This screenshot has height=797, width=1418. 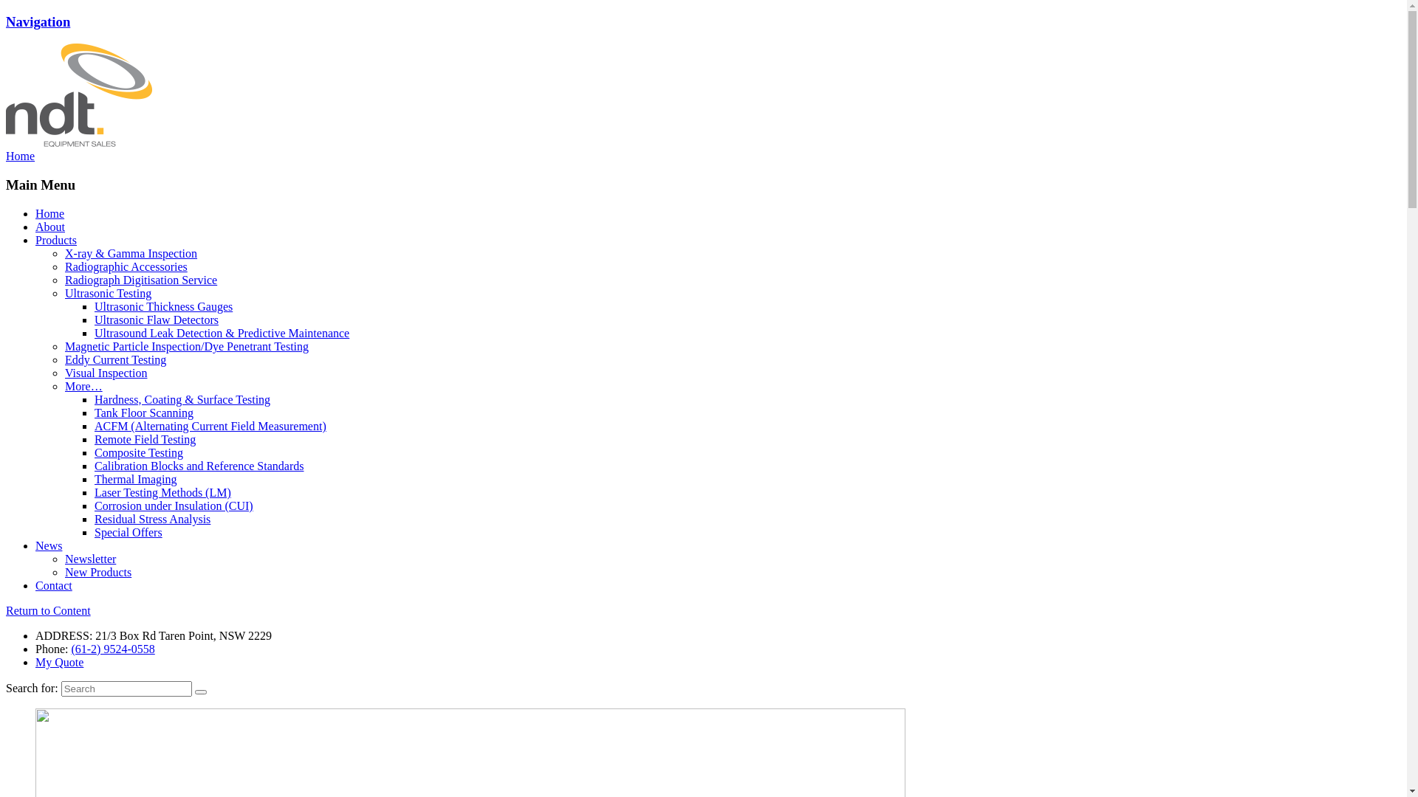 What do you see at coordinates (105, 372) in the screenshot?
I see `'Visual Inspection'` at bounding box center [105, 372].